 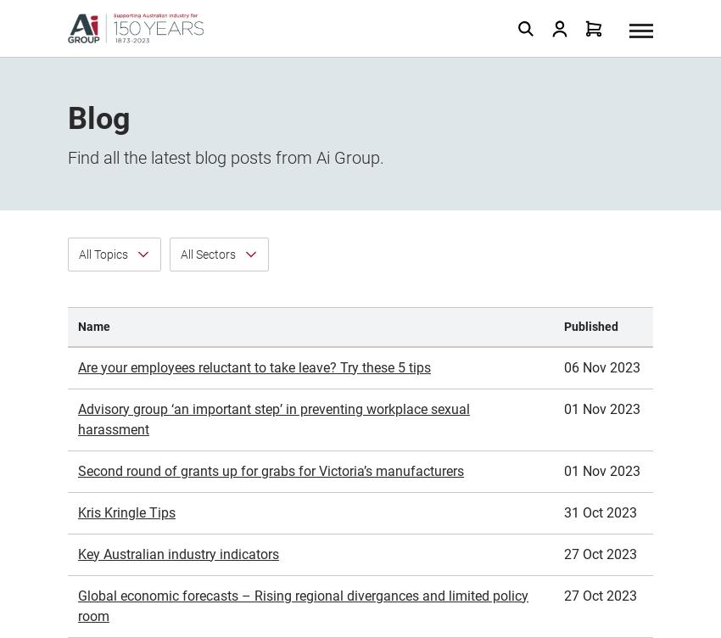 What do you see at coordinates (208, 64) in the screenshot?
I see `'All Sectors'` at bounding box center [208, 64].